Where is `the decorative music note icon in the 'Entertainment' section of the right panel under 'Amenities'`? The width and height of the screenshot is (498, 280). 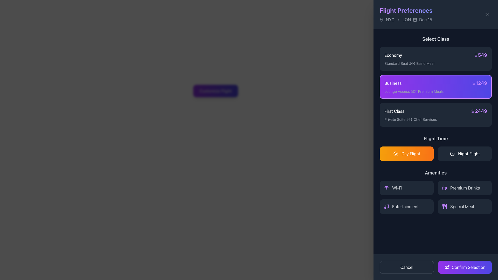
the decorative music note icon in the 'Entertainment' section of the right panel under 'Amenities' is located at coordinates (387, 206).